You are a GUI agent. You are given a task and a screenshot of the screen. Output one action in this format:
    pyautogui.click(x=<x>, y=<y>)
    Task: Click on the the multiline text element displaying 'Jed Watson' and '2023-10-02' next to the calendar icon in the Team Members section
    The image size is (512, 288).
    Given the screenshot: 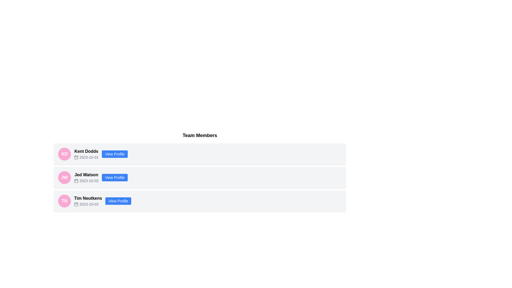 What is the action you would take?
    pyautogui.click(x=86, y=178)
    